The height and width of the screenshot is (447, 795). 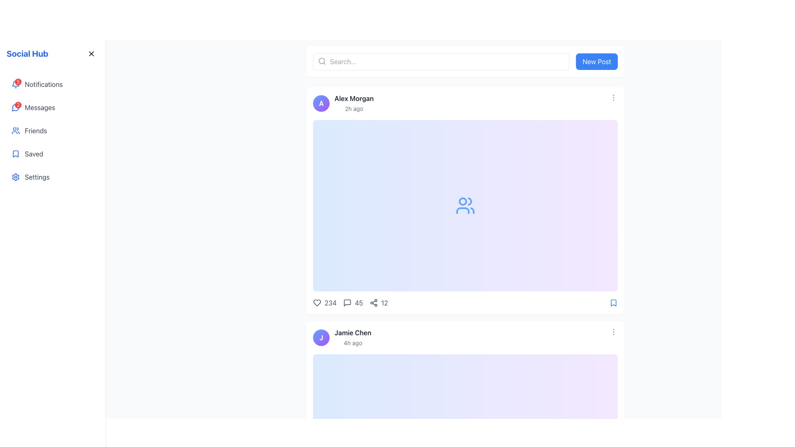 What do you see at coordinates (39, 107) in the screenshot?
I see `the 'Messages' text label in the vertical navigation menu, which is styled in gray and located to the right of a chat bubble icon` at bounding box center [39, 107].